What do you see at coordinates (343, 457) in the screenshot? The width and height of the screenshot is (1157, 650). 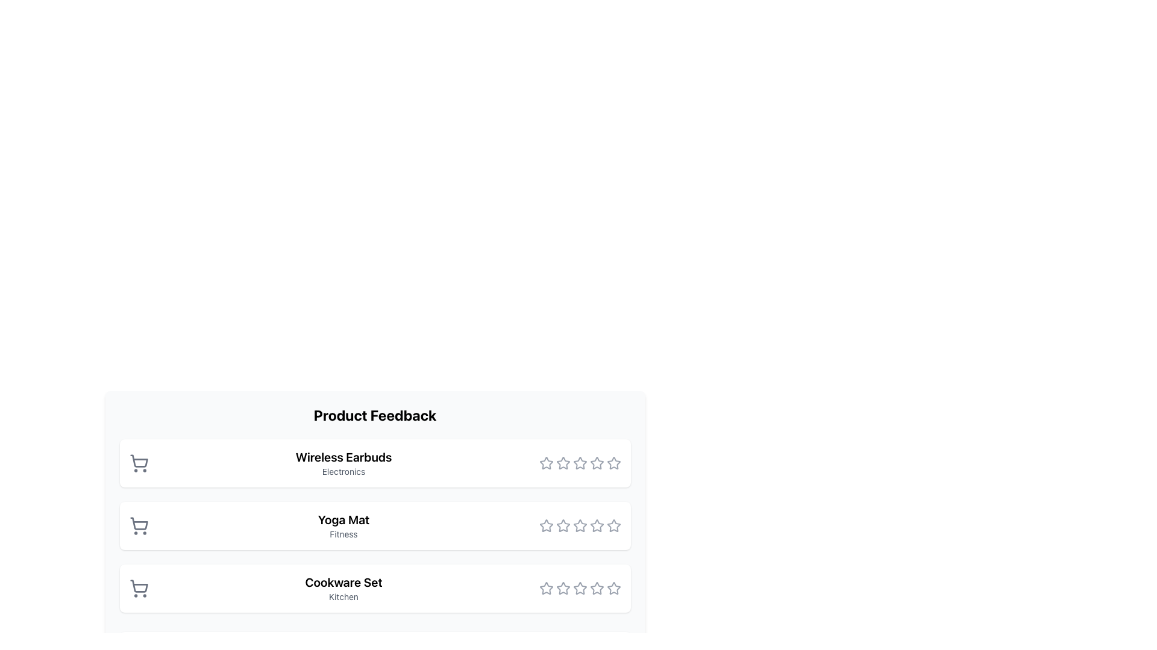 I see `the text label reading 'Wireless Earbuds', which is styled as bold and larger, located in the 'Product Feedback' section above the 'Electronics' label` at bounding box center [343, 457].